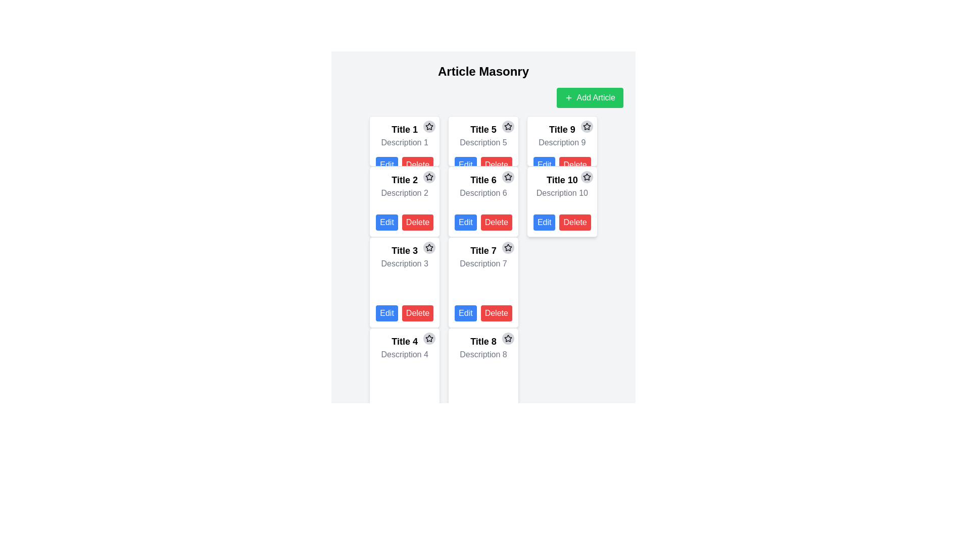 The height and width of the screenshot is (545, 970). I want to click on the Text Label that serves as the title for the associated card, located at the topmost position within the card component, so click(405, 129).